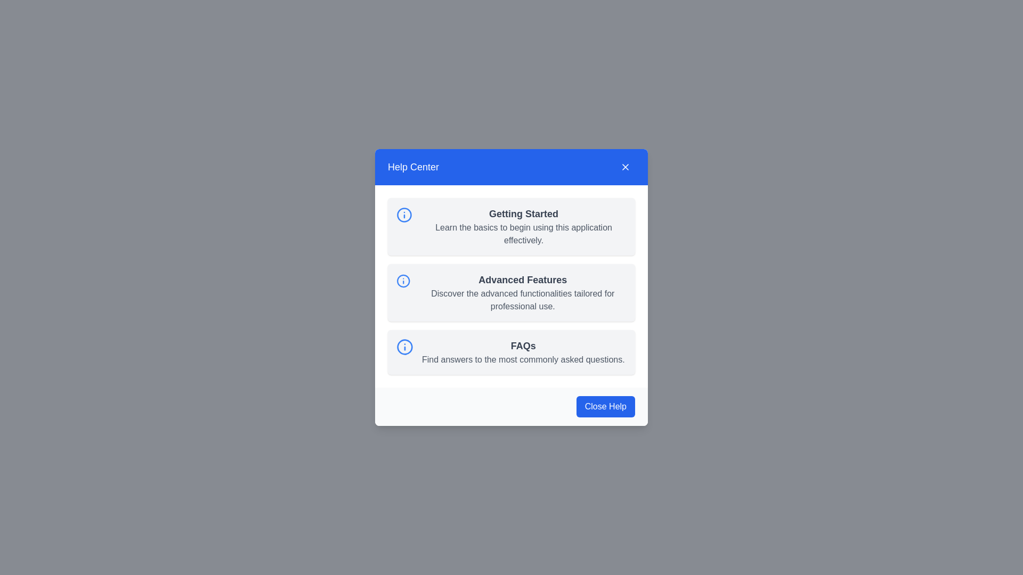 The height and width of the screenshot is (575, 1023). Describe the element at coordinates (523, 359) in the screenshot. I see `the static text label that contains the phrase 'Find answers to the most commonly asked questions.' located beneath the 'FAQs' headline in the Help Center interface` at that location.